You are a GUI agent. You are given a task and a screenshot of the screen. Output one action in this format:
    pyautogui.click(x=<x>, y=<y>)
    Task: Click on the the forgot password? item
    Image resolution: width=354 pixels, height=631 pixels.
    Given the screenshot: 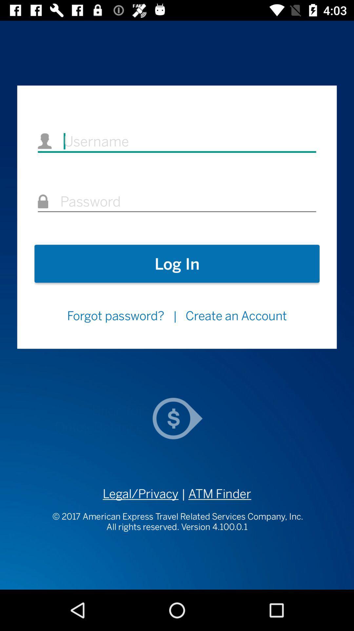 What is the action you would take?
    pyautogui.click(x=115, y=315)
    